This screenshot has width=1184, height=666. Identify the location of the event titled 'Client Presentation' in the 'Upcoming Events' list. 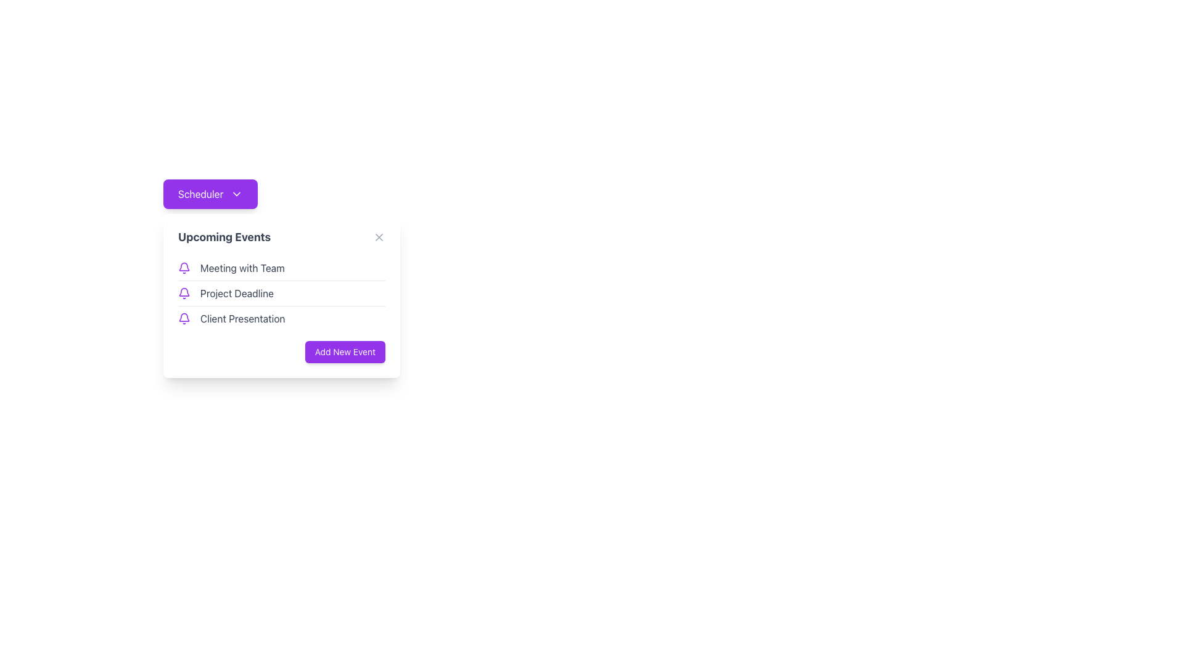
(281, 318).